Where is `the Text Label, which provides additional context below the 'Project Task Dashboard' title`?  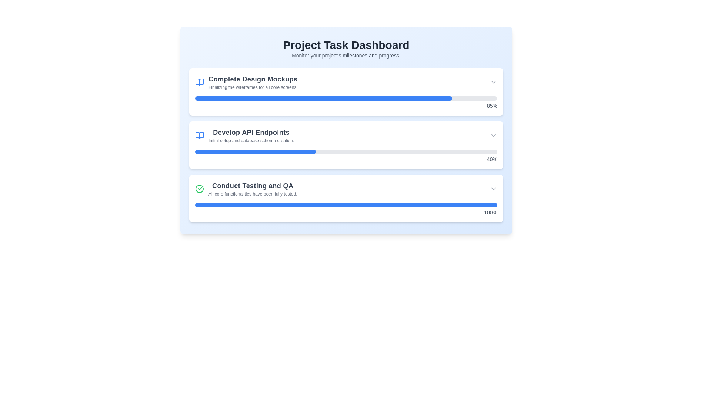
the Text Label, which provides additional context below the 'Project Task Dashboard' title is located at coordinates (346, 55).